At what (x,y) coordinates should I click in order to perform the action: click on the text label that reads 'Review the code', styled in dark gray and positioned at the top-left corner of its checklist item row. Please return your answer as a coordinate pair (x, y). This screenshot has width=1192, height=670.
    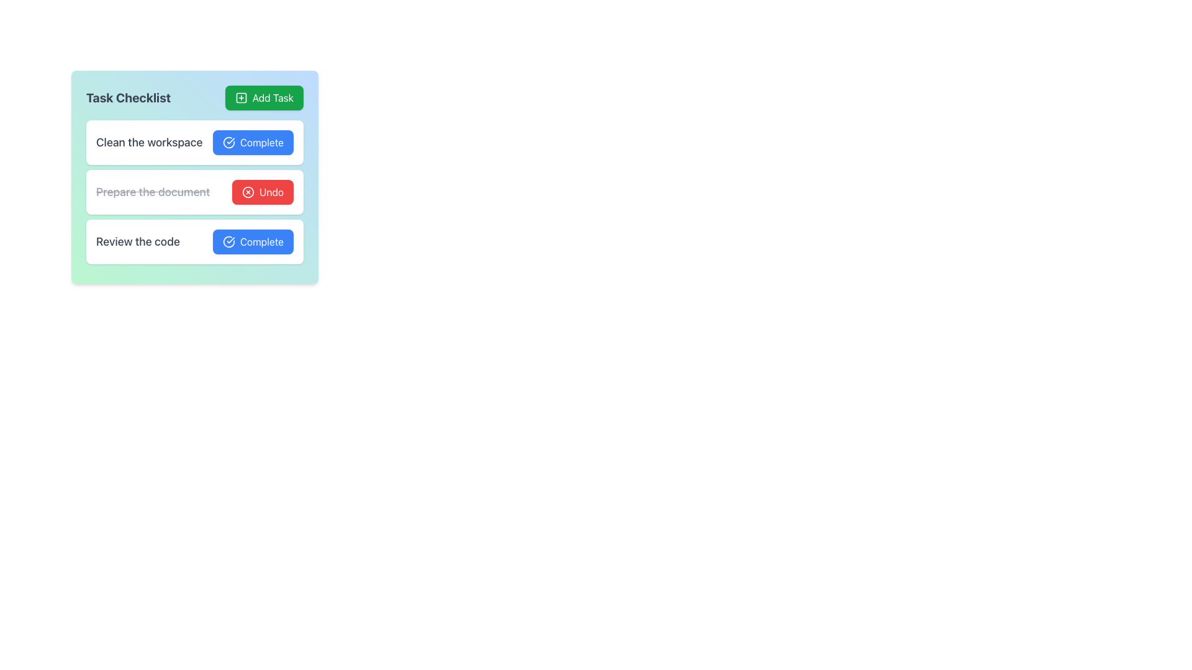
    Looking at the image, I should click on (138, 241).